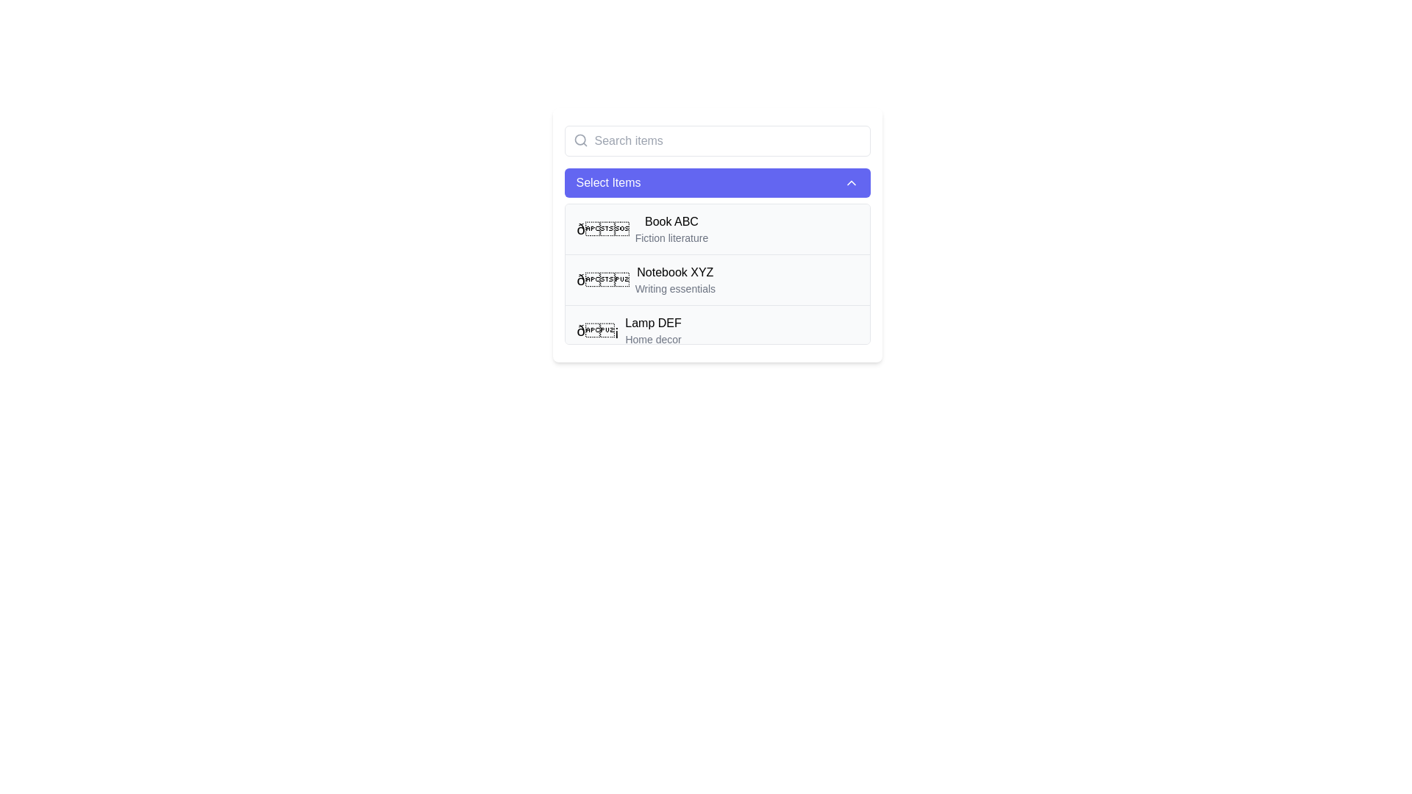  I want to click on text label displaying 'Notebook XYZ' and its description 'Writing essentials', which is the second item in the structured list under the section titled 'Select Items', so click(674, 280).